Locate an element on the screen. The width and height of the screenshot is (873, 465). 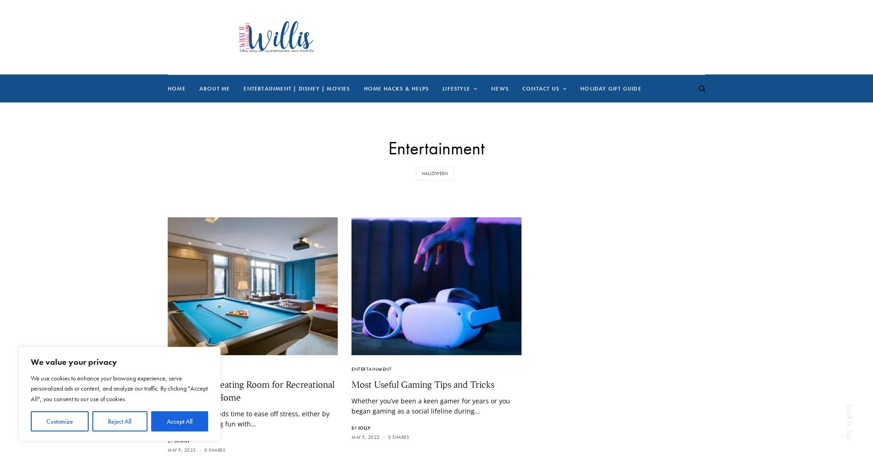
'Home Hacks & Helps' is located at coordinates (396, 88).